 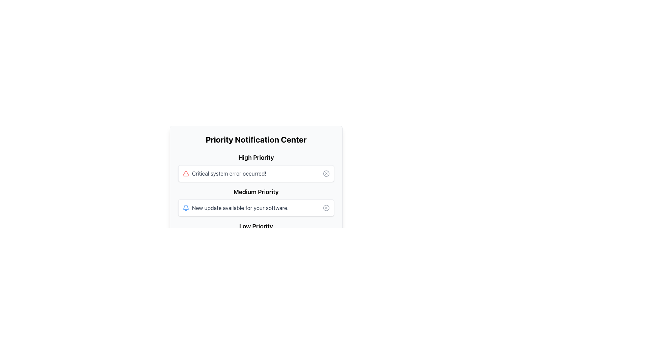 I want to click on the blue bell-shaped icon located in the top-right segment of the UI layout, which is part of the notification system, so click(x=186, y=207).